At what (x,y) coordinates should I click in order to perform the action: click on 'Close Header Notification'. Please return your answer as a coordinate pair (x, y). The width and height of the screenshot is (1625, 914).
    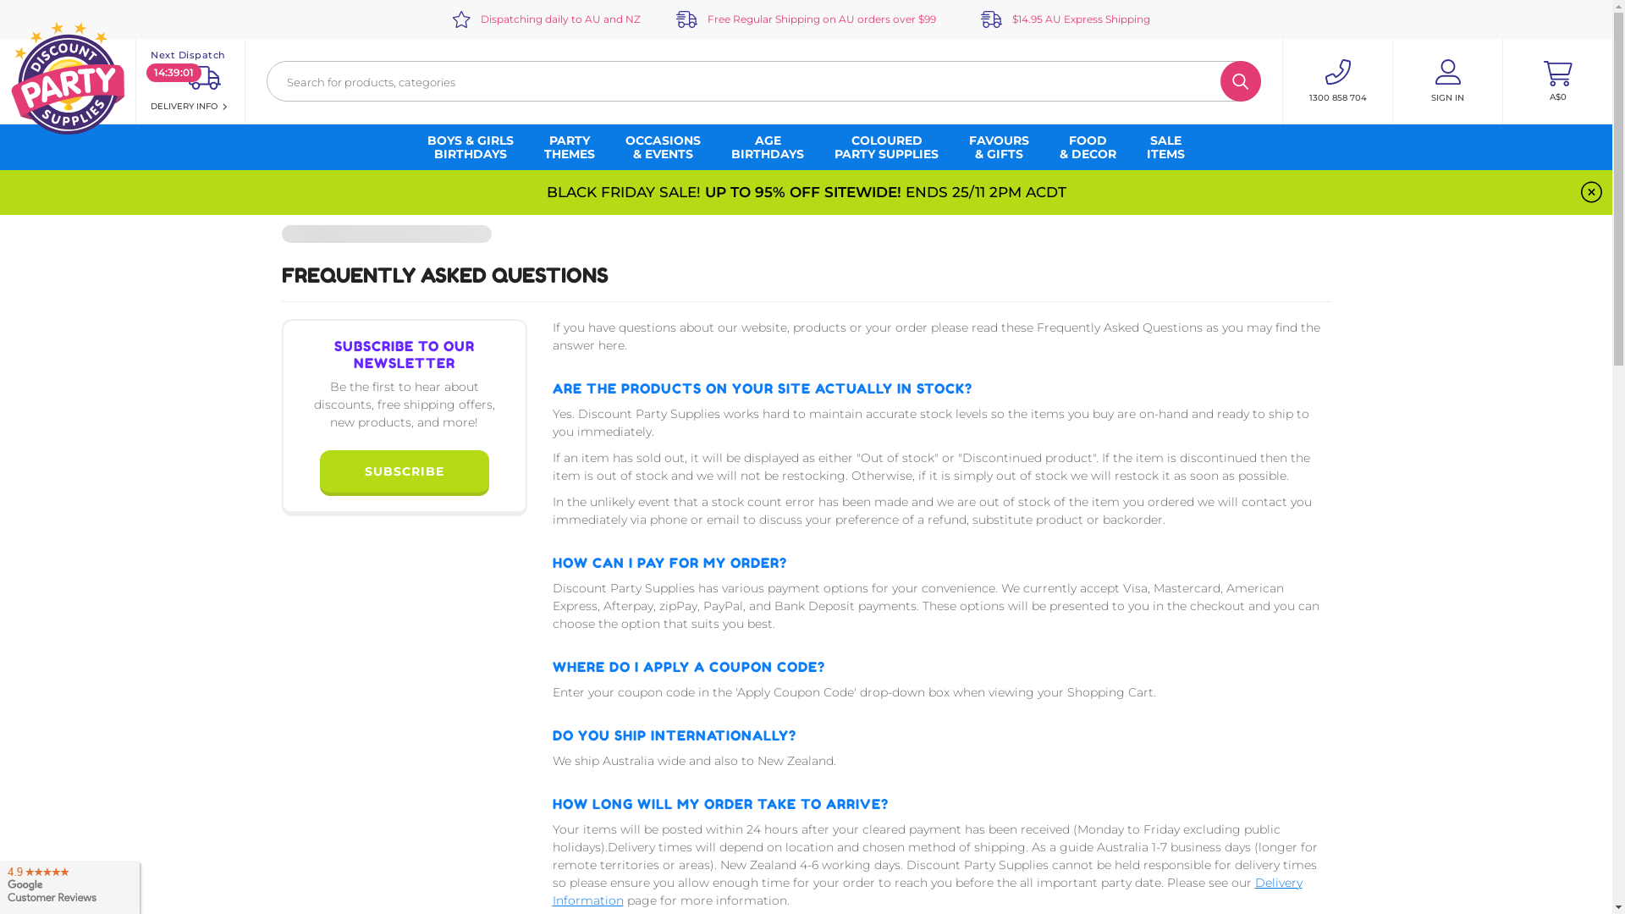
    Looking at the image, I should click on (1590, 191).